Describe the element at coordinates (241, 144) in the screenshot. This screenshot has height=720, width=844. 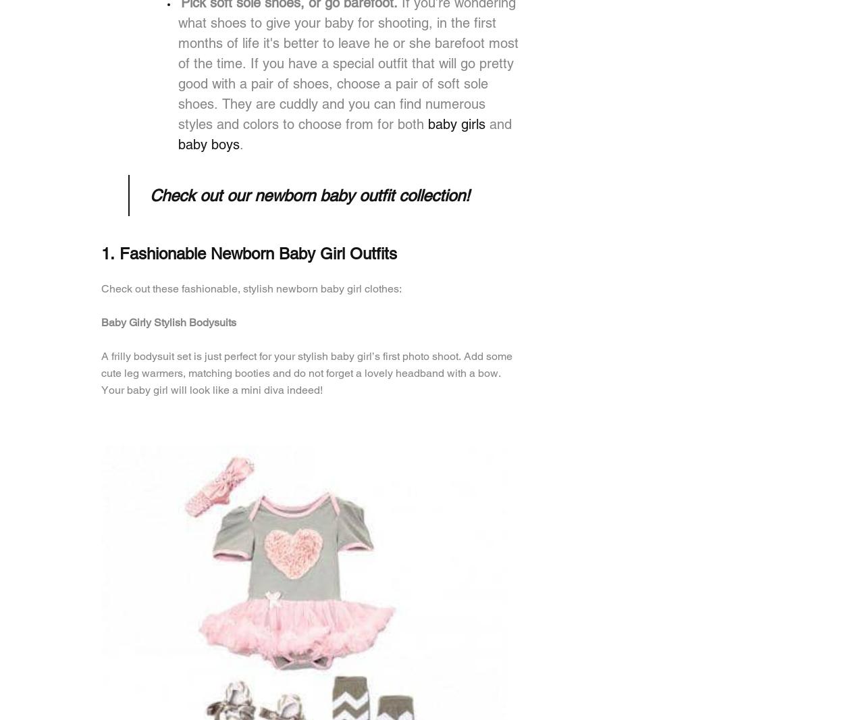
I see `'.'` at that location.